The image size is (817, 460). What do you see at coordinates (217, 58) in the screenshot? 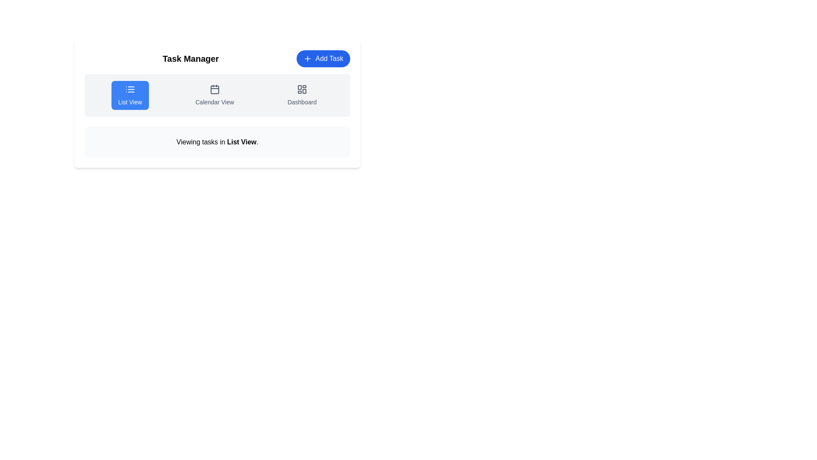
I see `the 'Task Manager' text in the header section of the task management panel` at bounding box center [217, 58].